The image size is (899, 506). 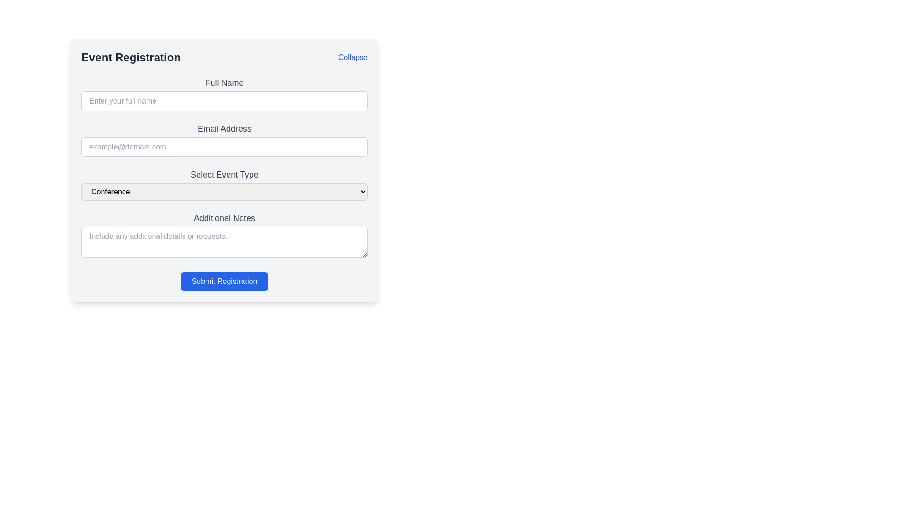 What do you see at coordinates (224, 128) in the screenshot?
I see `the label that provides the title for the 'Email Address' input field, which is positioned directly below the 'Full Name' field label and above the email input box` at bounding box center [224, 128].